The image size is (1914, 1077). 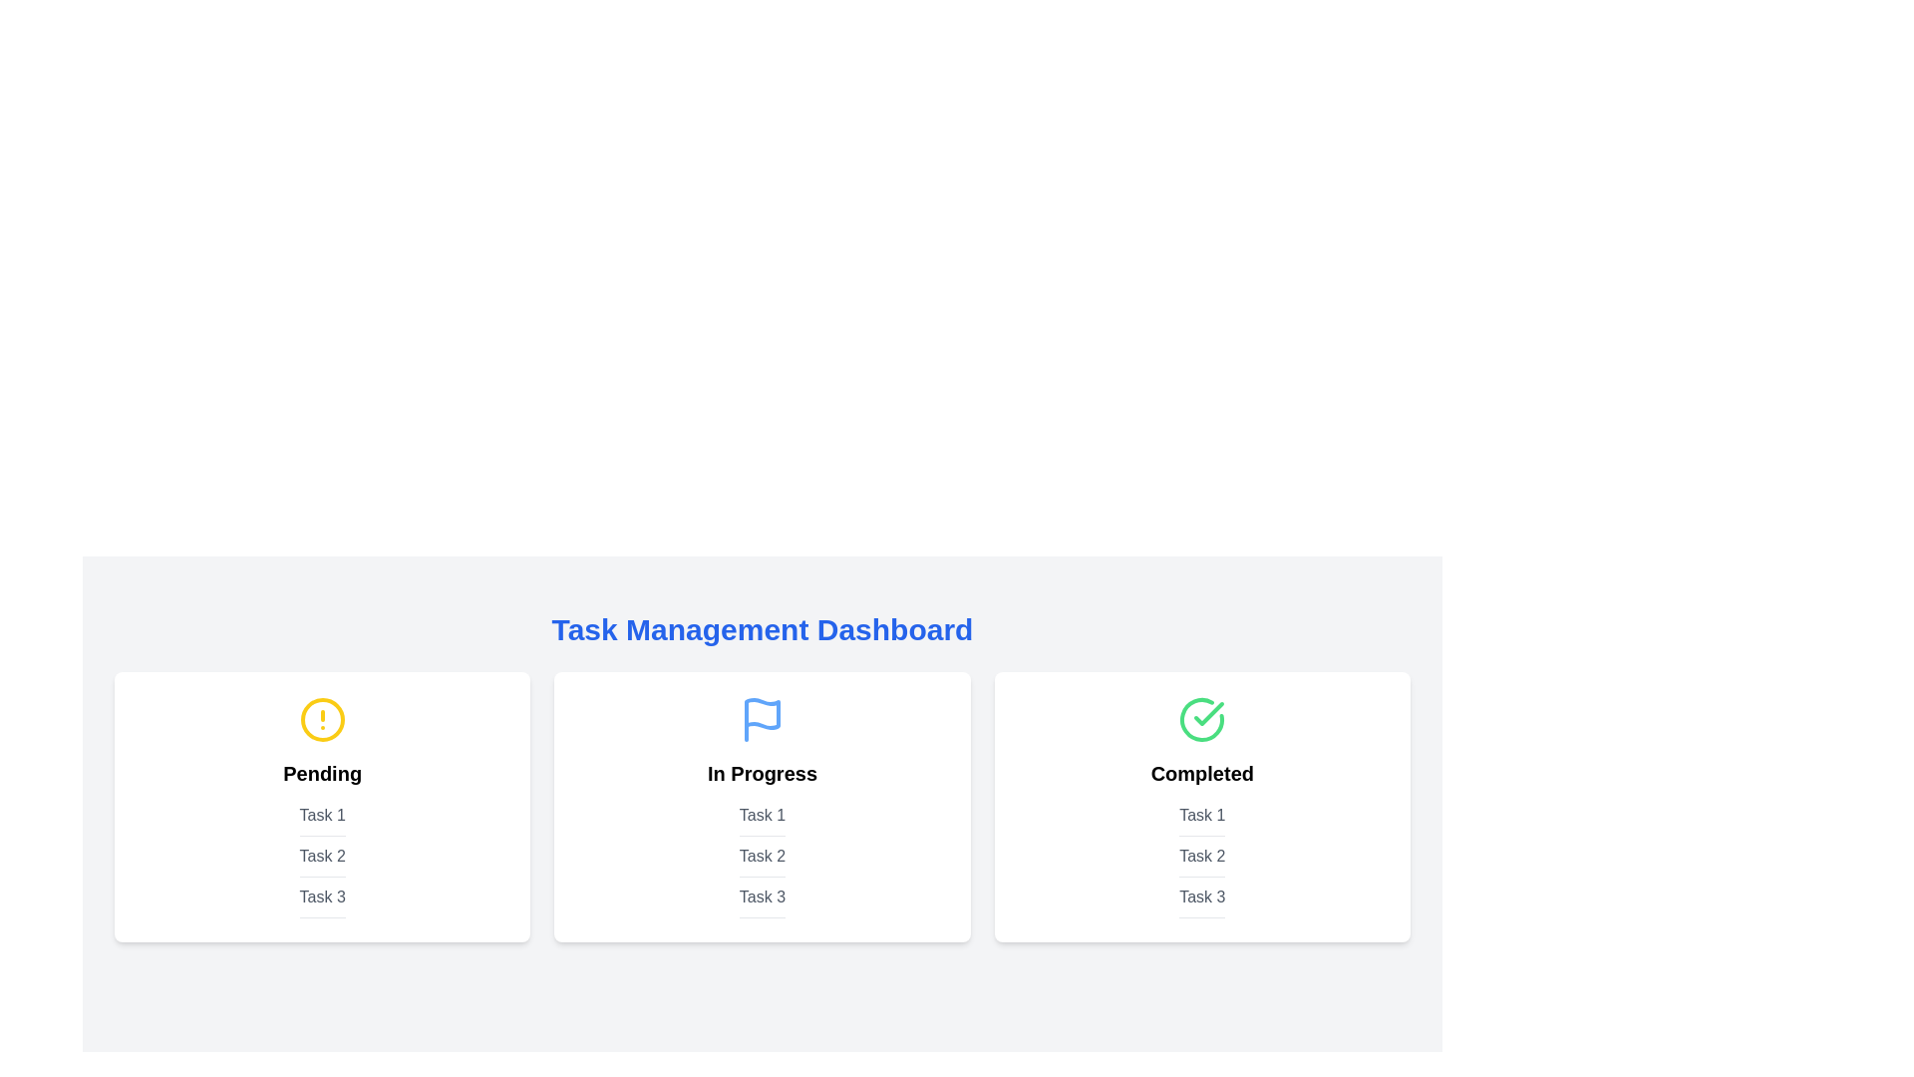 I want to click on the read-only text list displaying completed tasks located in the 'Completed' section, centrally positioned beneath the green check icon and 'Completed' header, so click(x=1201, y=860).